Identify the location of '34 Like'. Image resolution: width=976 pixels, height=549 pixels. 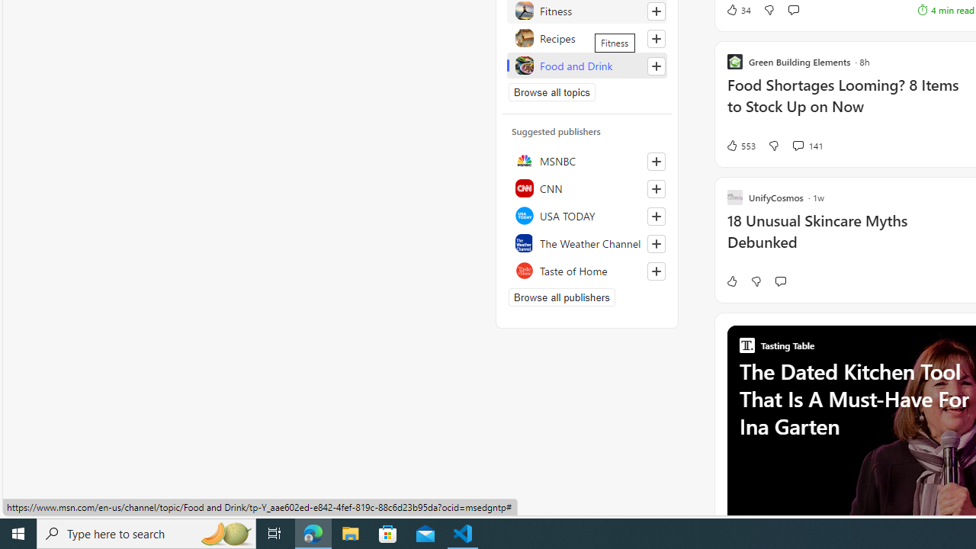
(738, 9).